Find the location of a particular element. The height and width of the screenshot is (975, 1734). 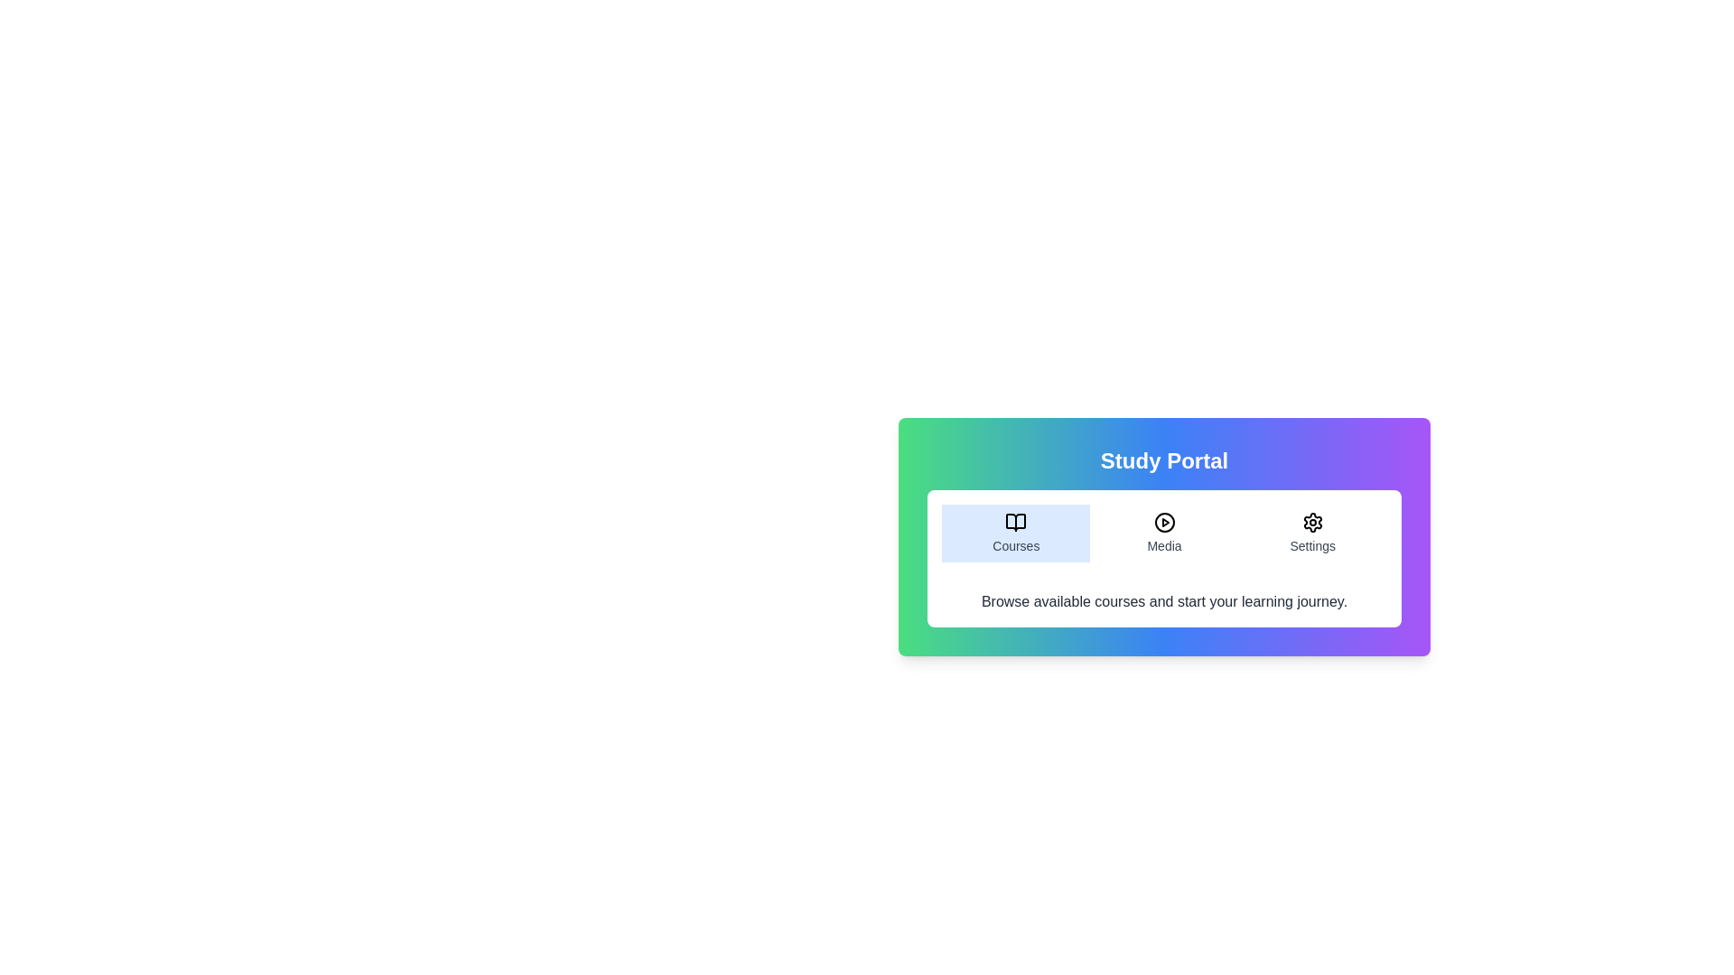

the Settings tab is located at coordinates (1312, 532).